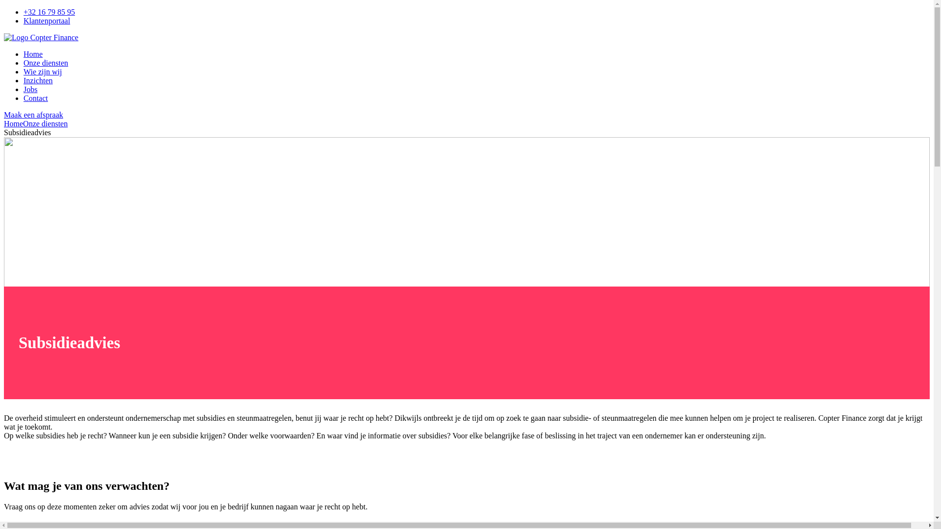 This screenshot has height=529, width=941. Describe the element at coordinates (30, 89) in the screenshot. I see `'Jobs'` at that location.